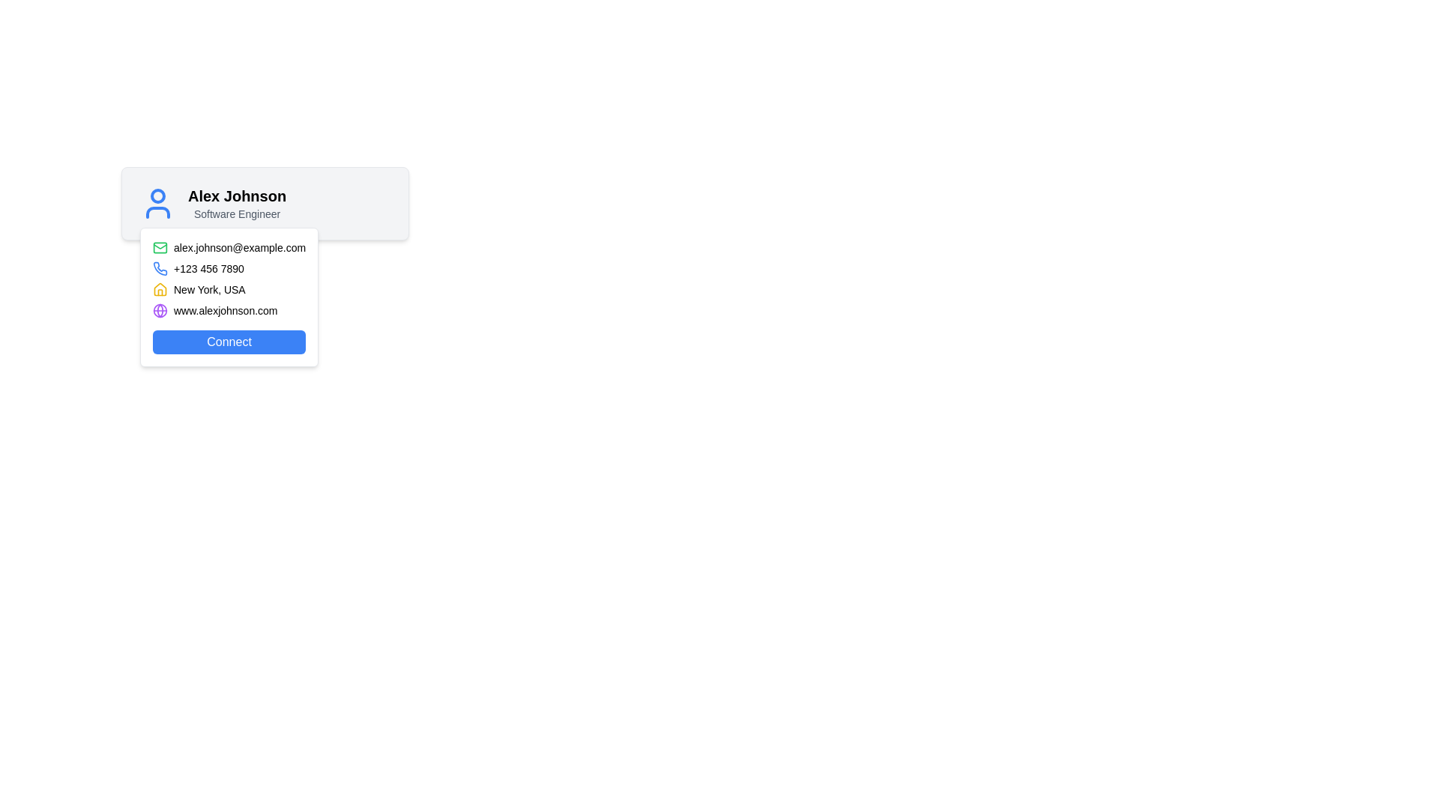 The height and width of the screenshot is (809, 1439). Describe the element at coordinates (208, 267) in the screenshot. I see `text display element that shows the user's contact phone number, located directly to the right of a blue phone icon and below an email address` at that location.